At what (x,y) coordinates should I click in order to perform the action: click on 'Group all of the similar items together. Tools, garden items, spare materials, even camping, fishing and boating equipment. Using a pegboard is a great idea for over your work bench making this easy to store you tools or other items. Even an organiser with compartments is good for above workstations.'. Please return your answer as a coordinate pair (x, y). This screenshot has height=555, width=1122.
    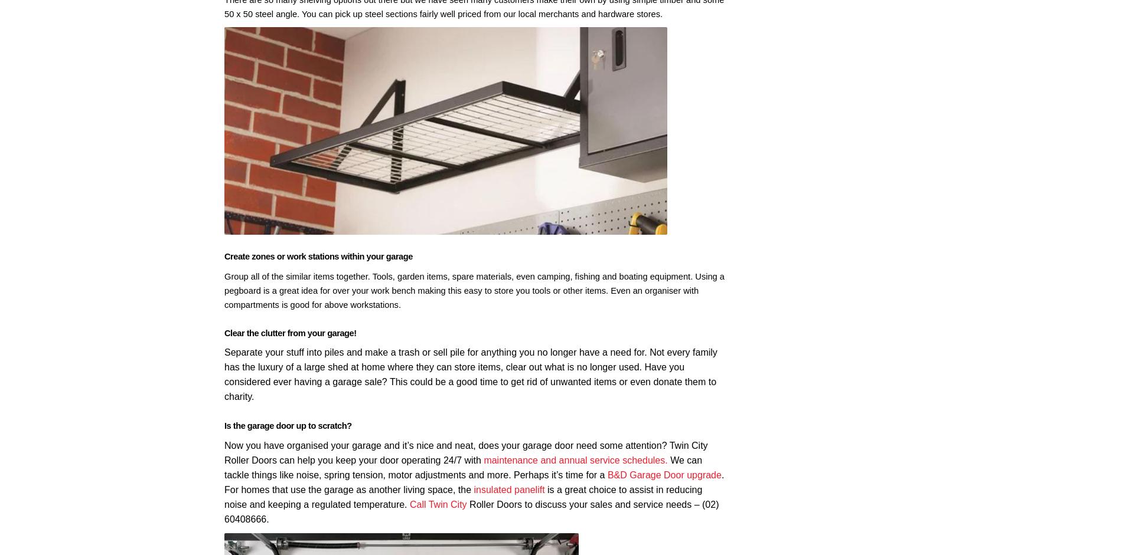
    Looking at the image, I should click on (474, 289).